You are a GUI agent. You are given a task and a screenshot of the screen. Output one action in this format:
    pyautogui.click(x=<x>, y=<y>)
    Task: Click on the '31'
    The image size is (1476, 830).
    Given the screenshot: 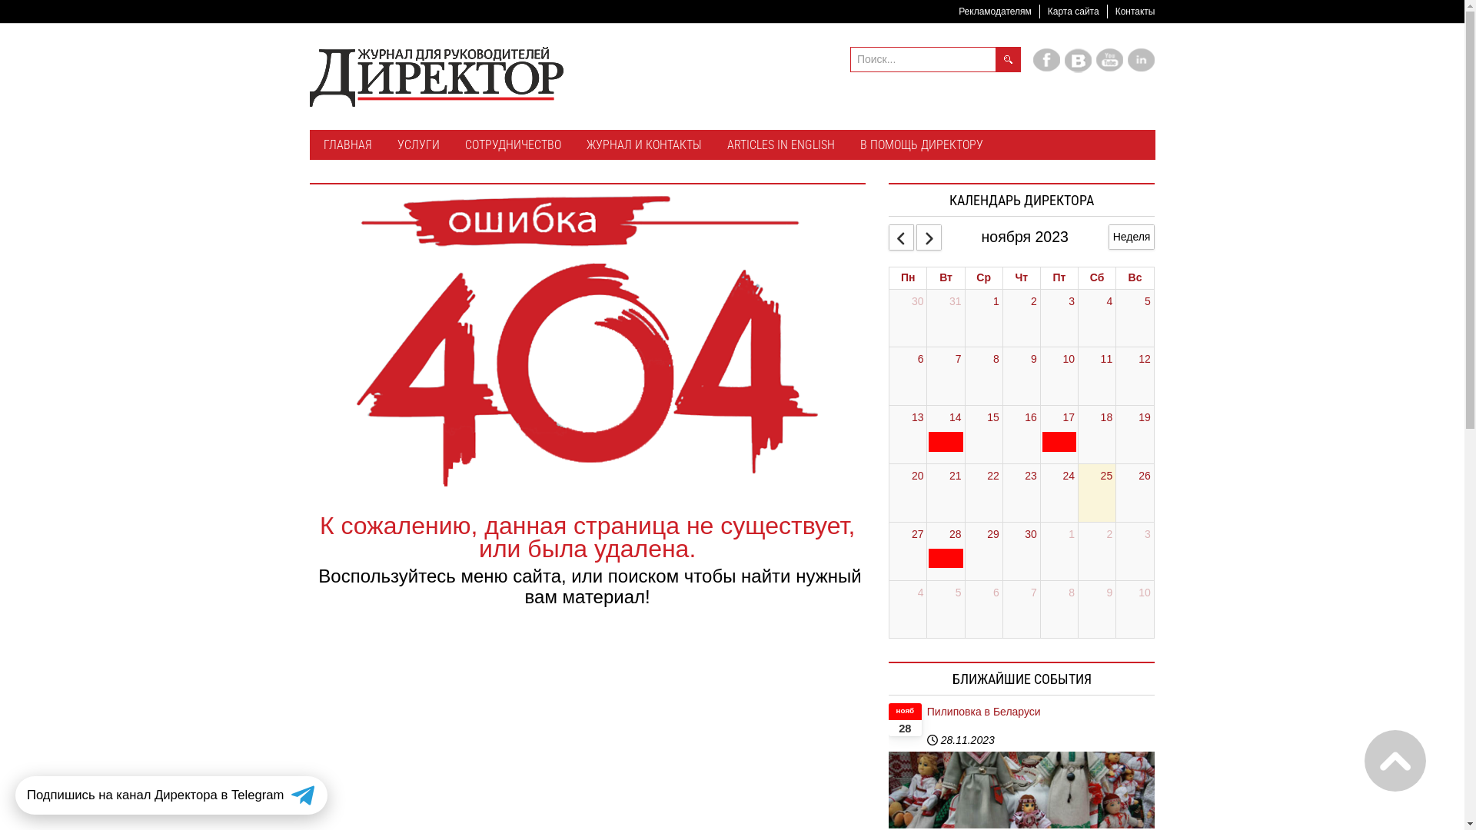 What is the action you would take?
    pyautogui.click(x=955, y=302)
    